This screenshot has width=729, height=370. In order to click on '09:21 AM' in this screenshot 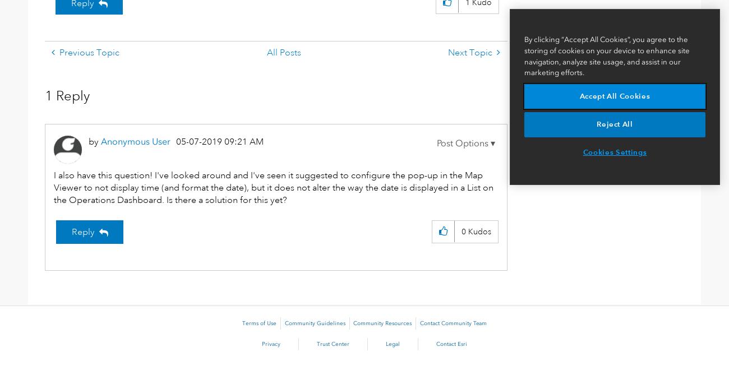, I will do `click(243, 140)`.